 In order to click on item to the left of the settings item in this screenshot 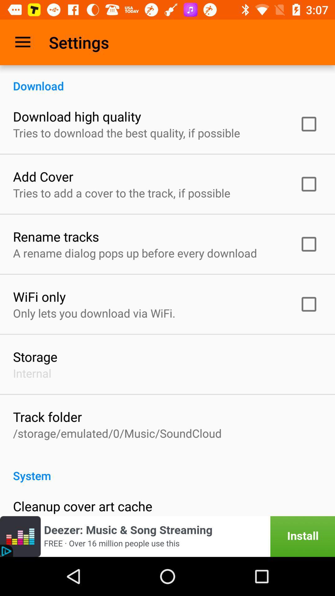, I will do `click(22, 42)`.